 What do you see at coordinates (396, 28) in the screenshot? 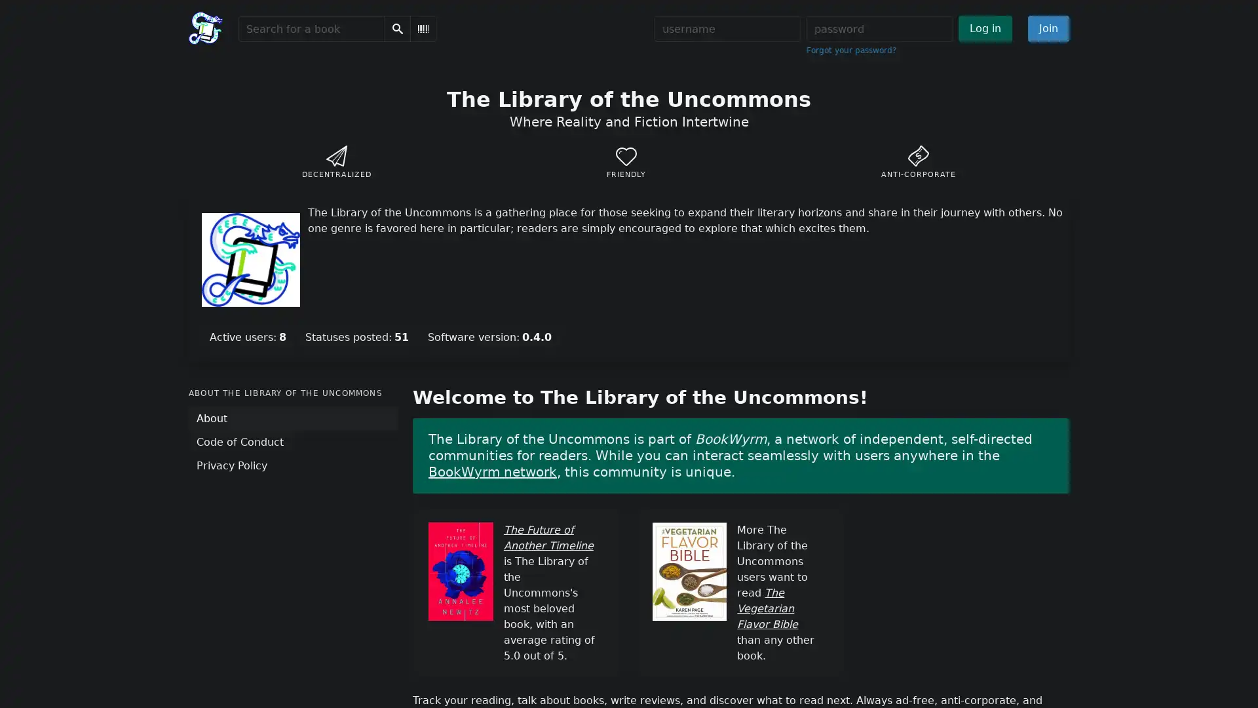
I see `Search` at bounding box center [396, 28].